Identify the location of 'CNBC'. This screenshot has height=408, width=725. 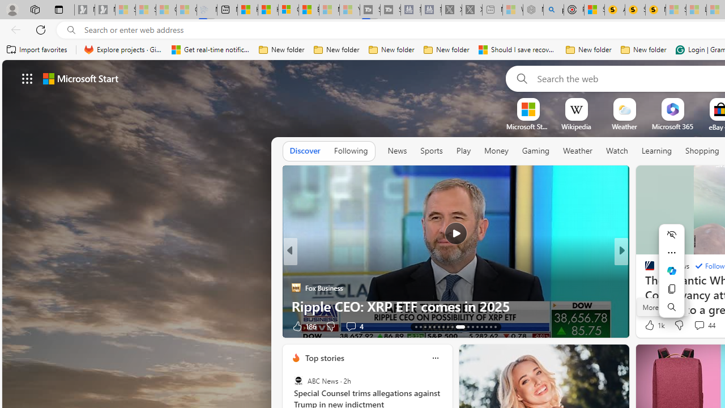
(645, 269).